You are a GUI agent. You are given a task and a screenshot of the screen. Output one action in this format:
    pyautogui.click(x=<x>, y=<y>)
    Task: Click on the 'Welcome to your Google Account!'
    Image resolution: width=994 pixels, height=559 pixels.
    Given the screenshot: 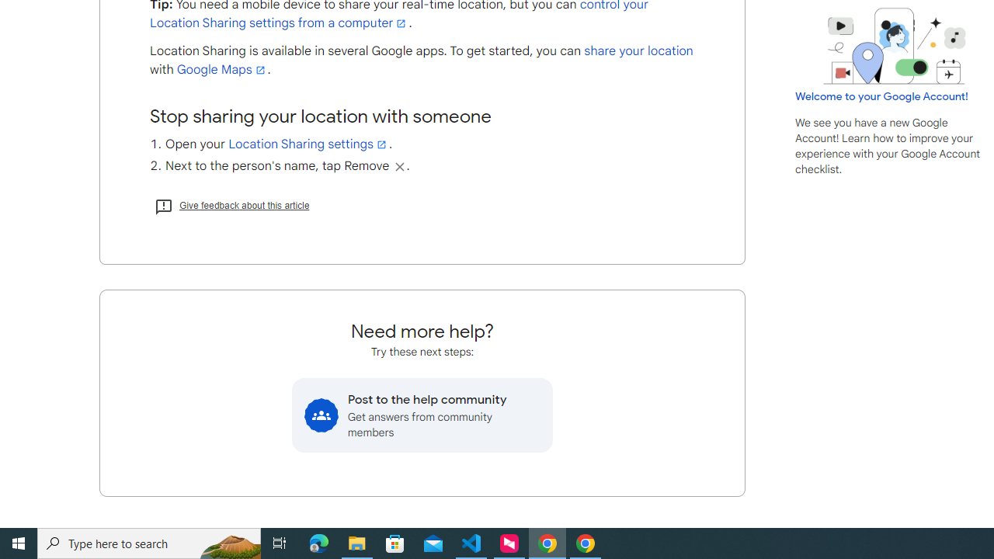 What is the action you would take?
    pyautogui.click(x=881, y=96)
    